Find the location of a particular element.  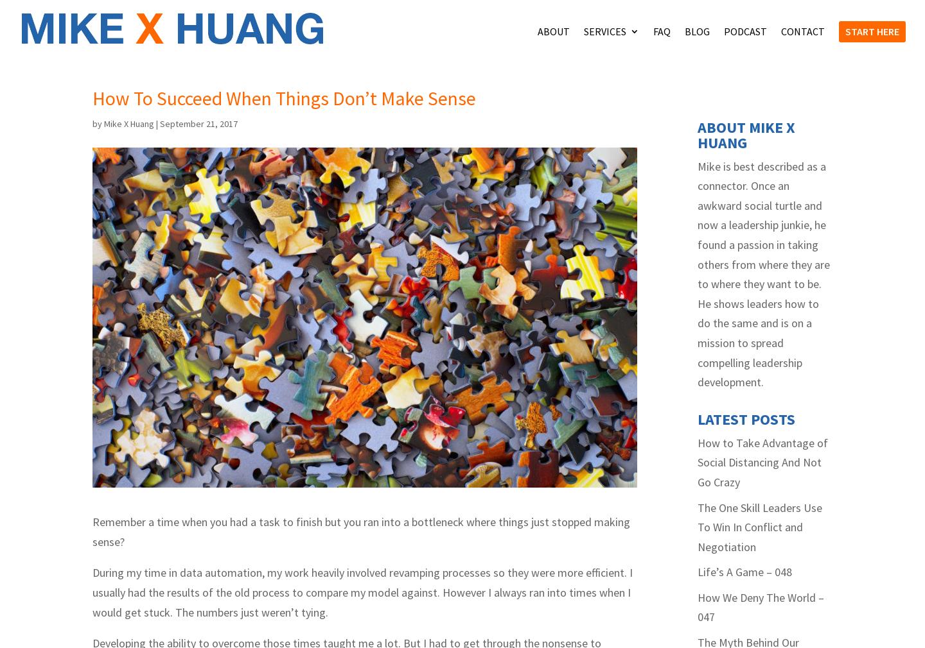

'About' is located at coordinates (538, 30).